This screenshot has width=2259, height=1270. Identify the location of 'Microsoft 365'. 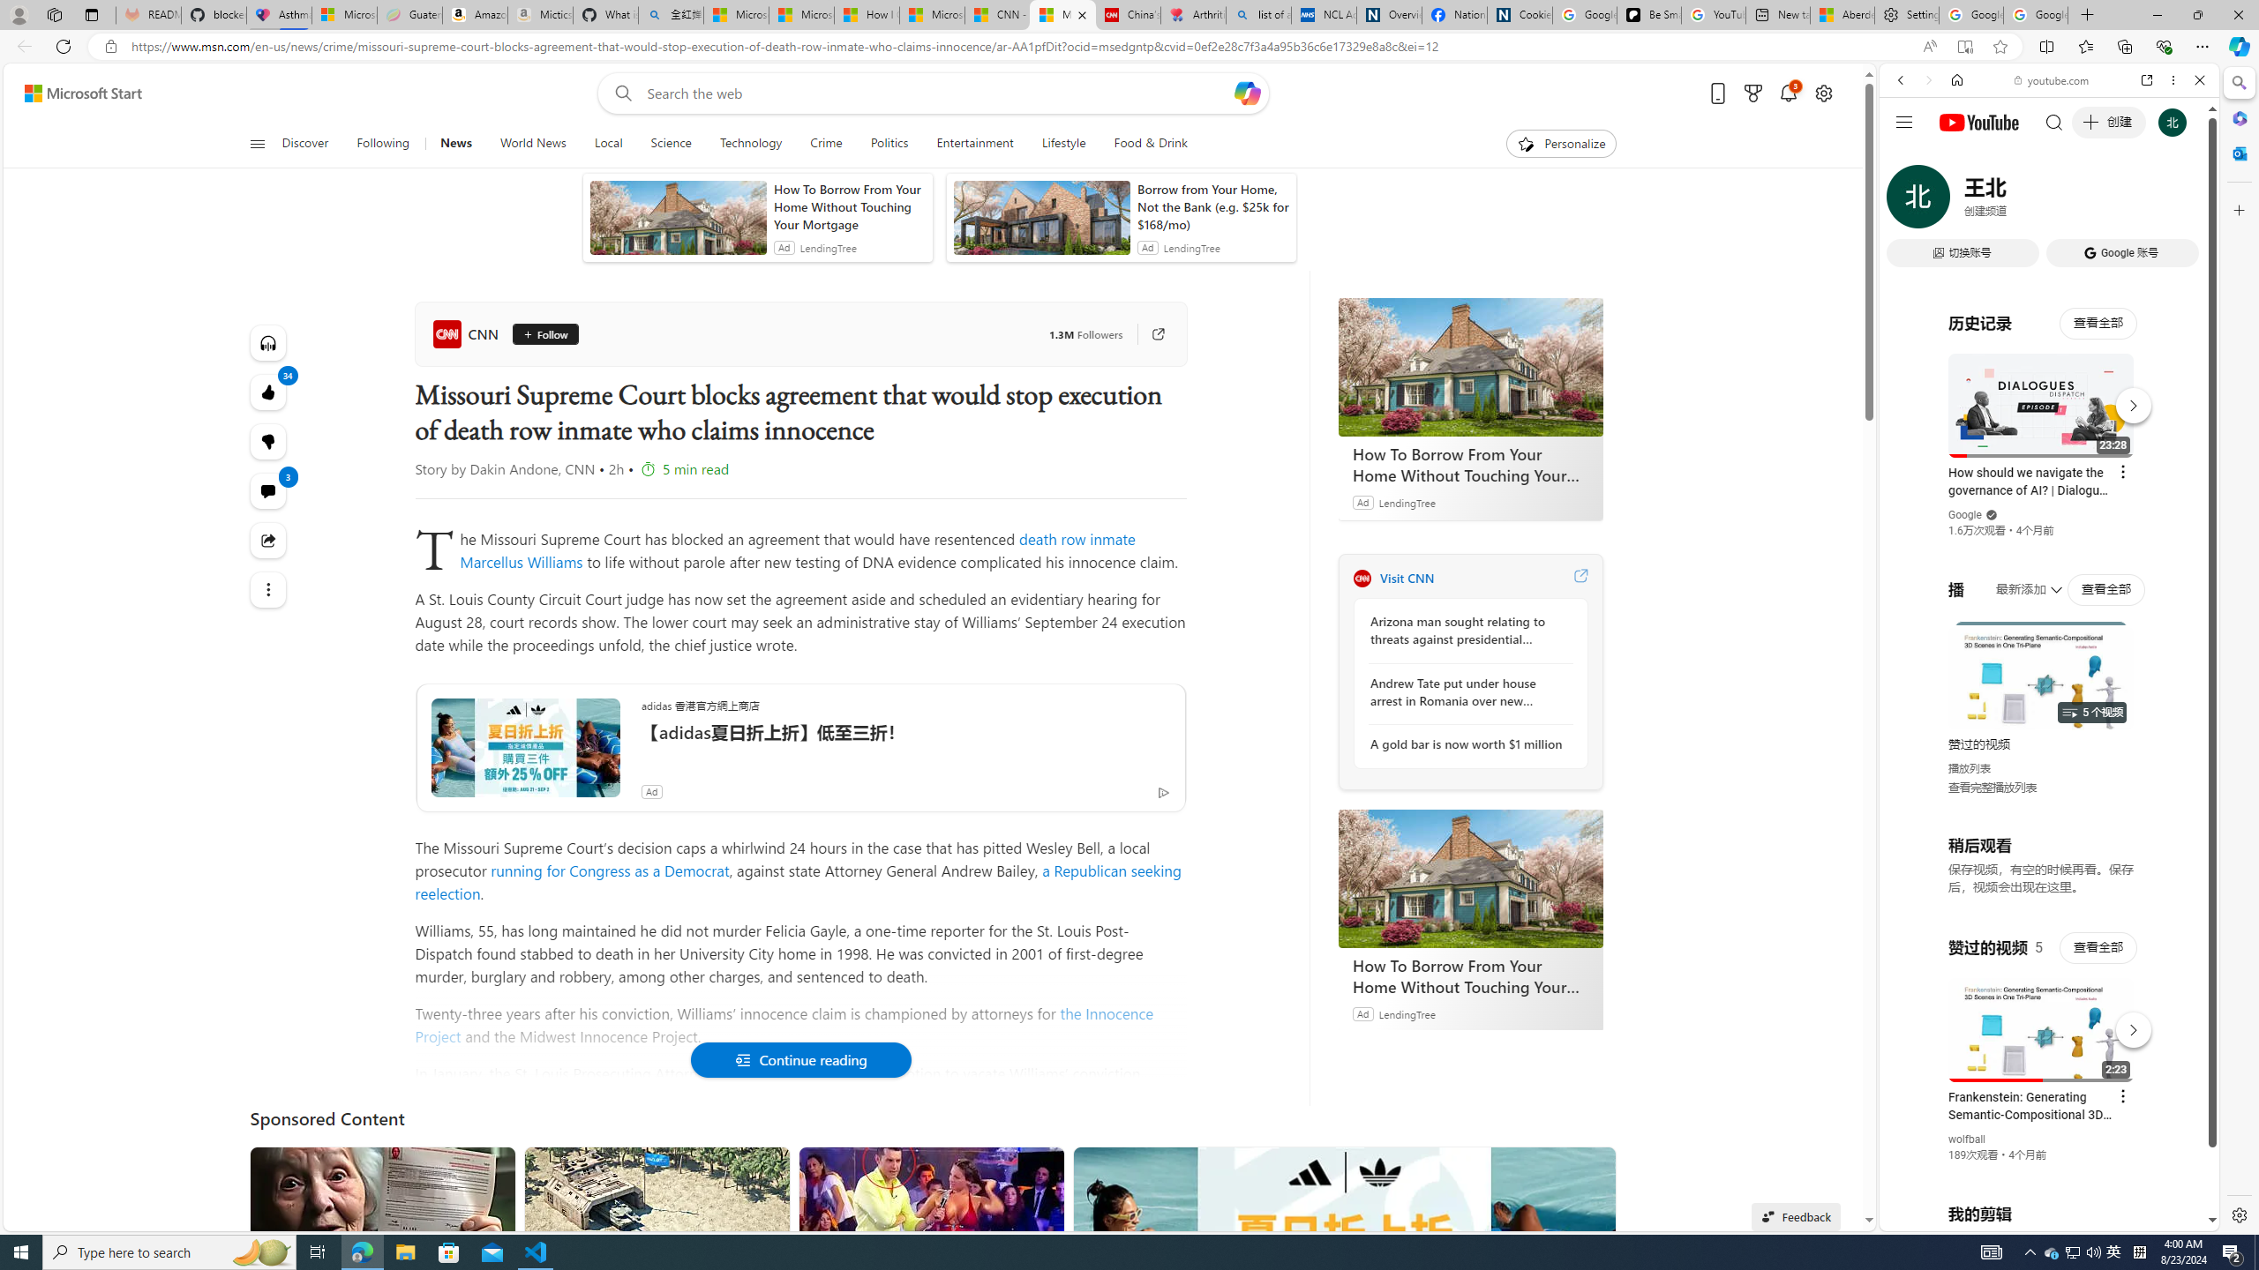
(2237, 118).